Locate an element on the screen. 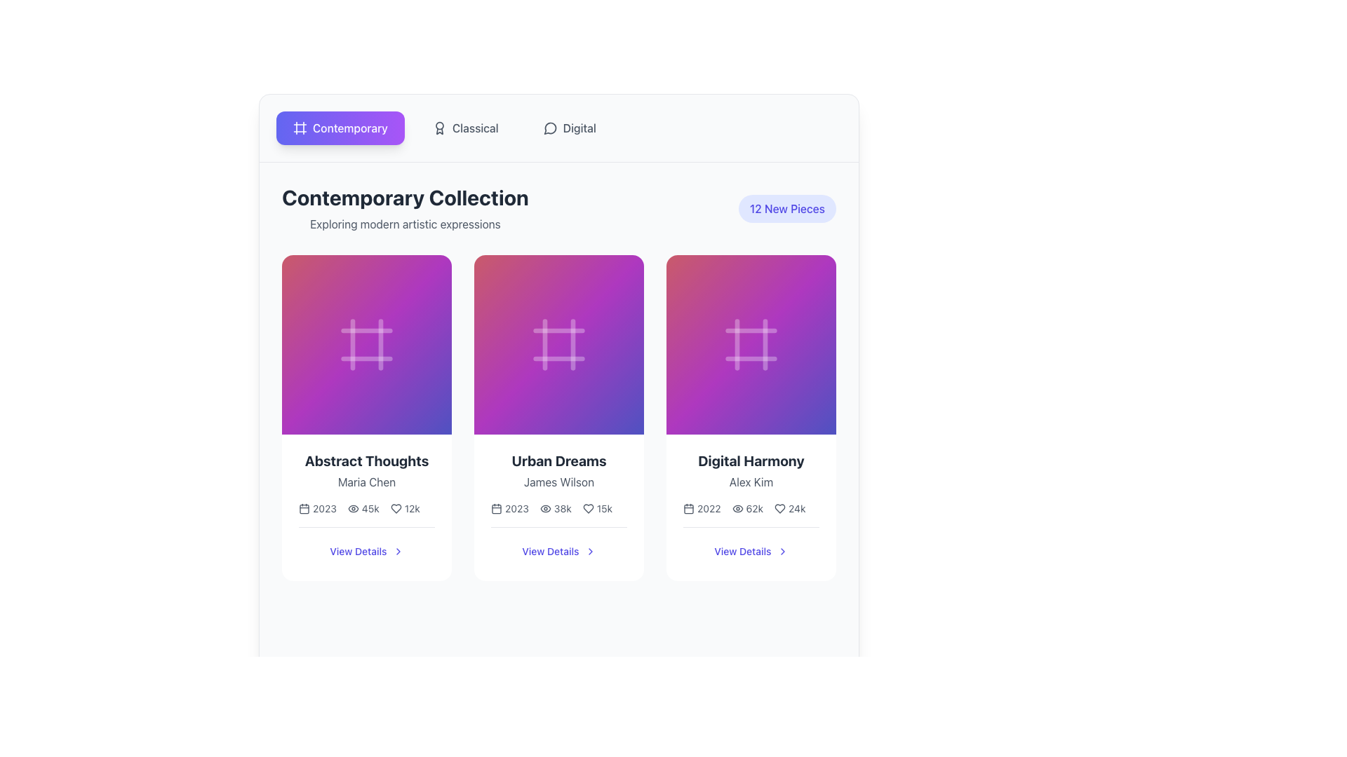 The image size is (1347, 757). the calendar icon located to the left of the text '2022' within the 'Digital Harmony' card is located at coordinates (689, 508).